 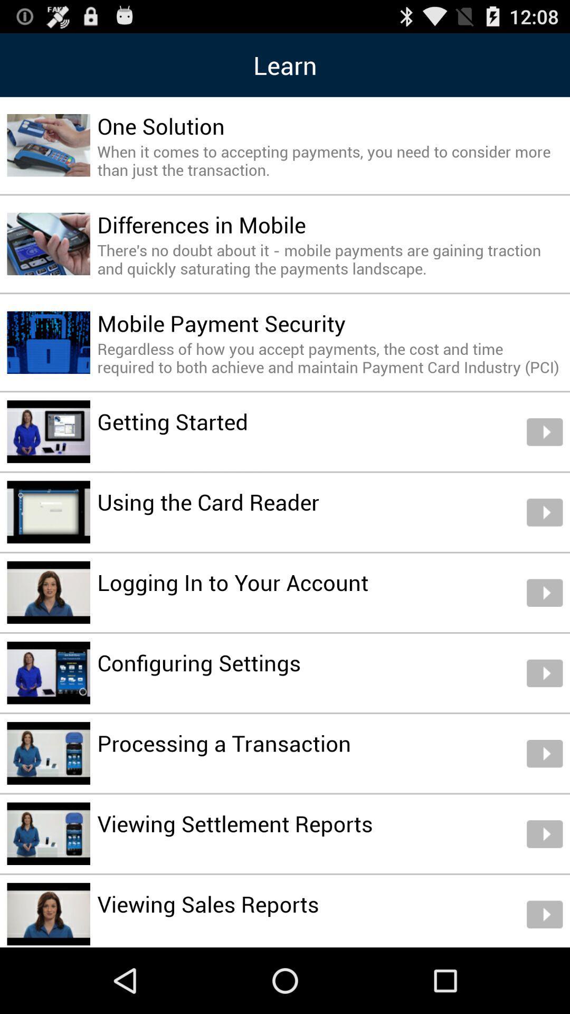 What do you see at coordinates (329, 259) in the screenshot?
I see `the there s no item` at bounding box center [329, 259].